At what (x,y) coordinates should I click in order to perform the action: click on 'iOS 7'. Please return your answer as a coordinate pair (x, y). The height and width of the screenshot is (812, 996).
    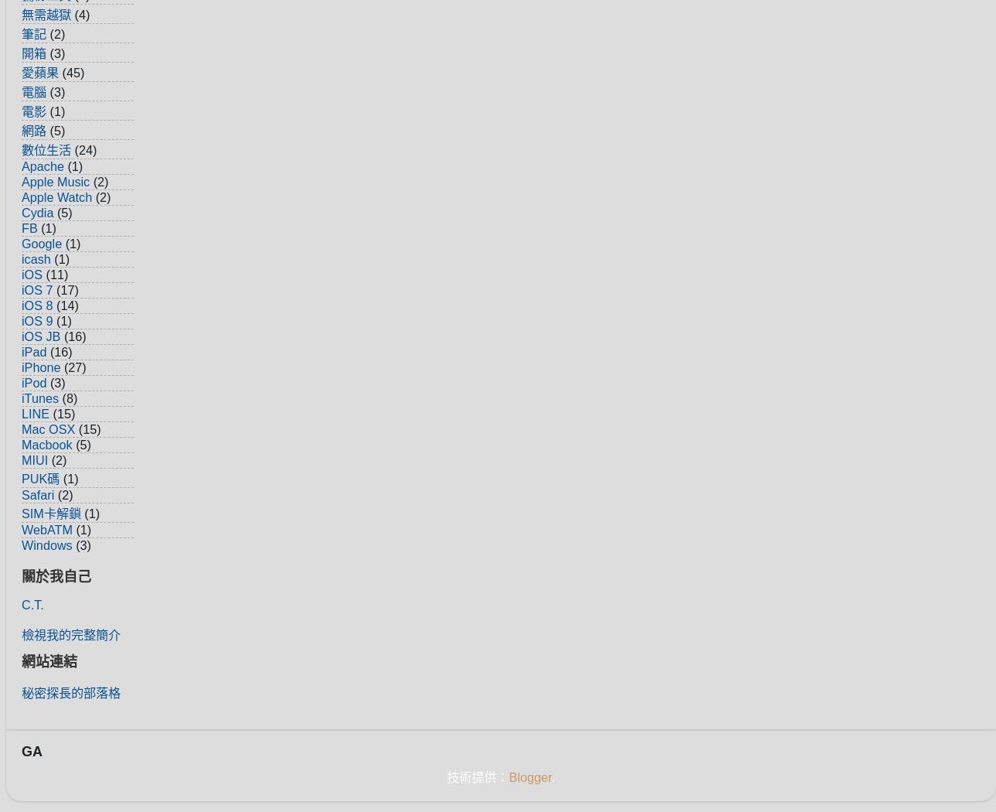
    Looking at the image, I should click on (37, 288).